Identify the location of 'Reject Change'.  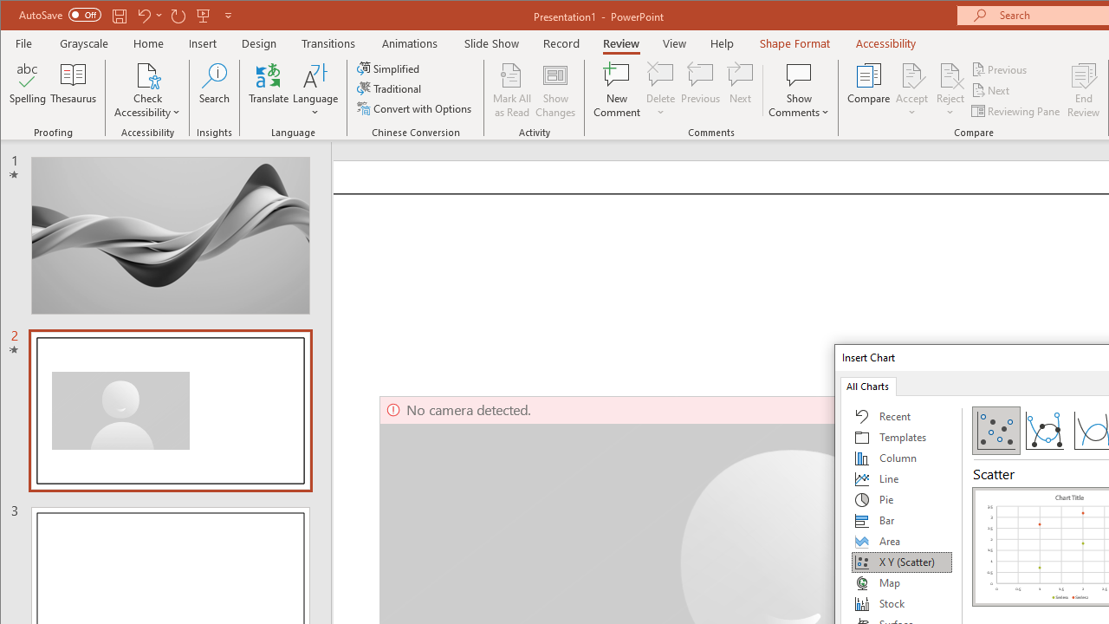
(949, 74).